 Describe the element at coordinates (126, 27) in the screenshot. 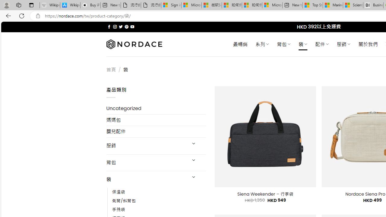

I see `'Follow on Pinterest'` at that location.